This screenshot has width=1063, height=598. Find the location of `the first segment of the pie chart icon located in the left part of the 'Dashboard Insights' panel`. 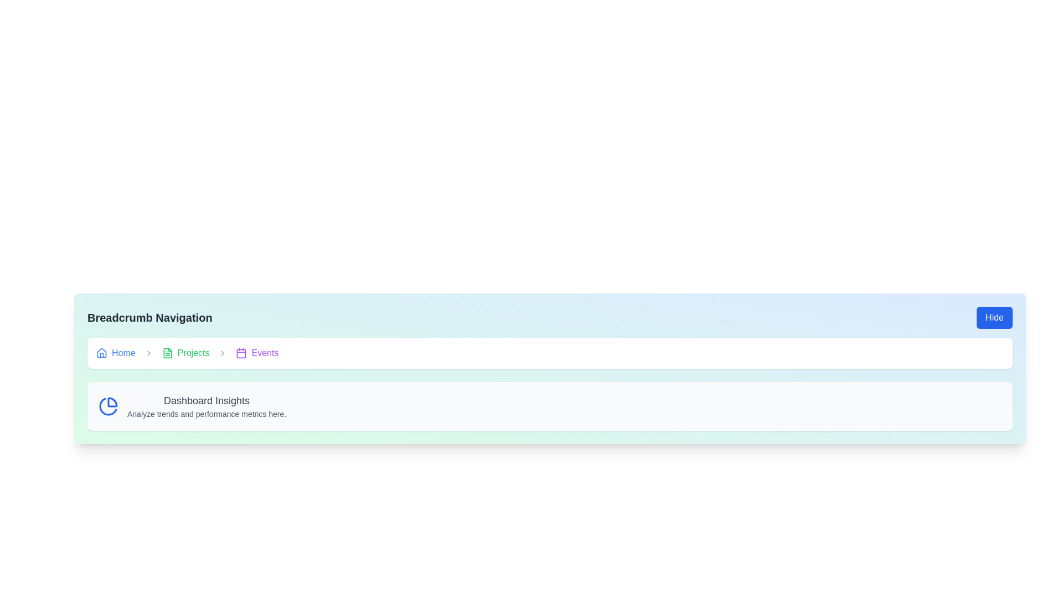

the first segment of the pie chart icon located in the left part of the 'Dashboard Insights' panel is located at coordinates (112, 402).